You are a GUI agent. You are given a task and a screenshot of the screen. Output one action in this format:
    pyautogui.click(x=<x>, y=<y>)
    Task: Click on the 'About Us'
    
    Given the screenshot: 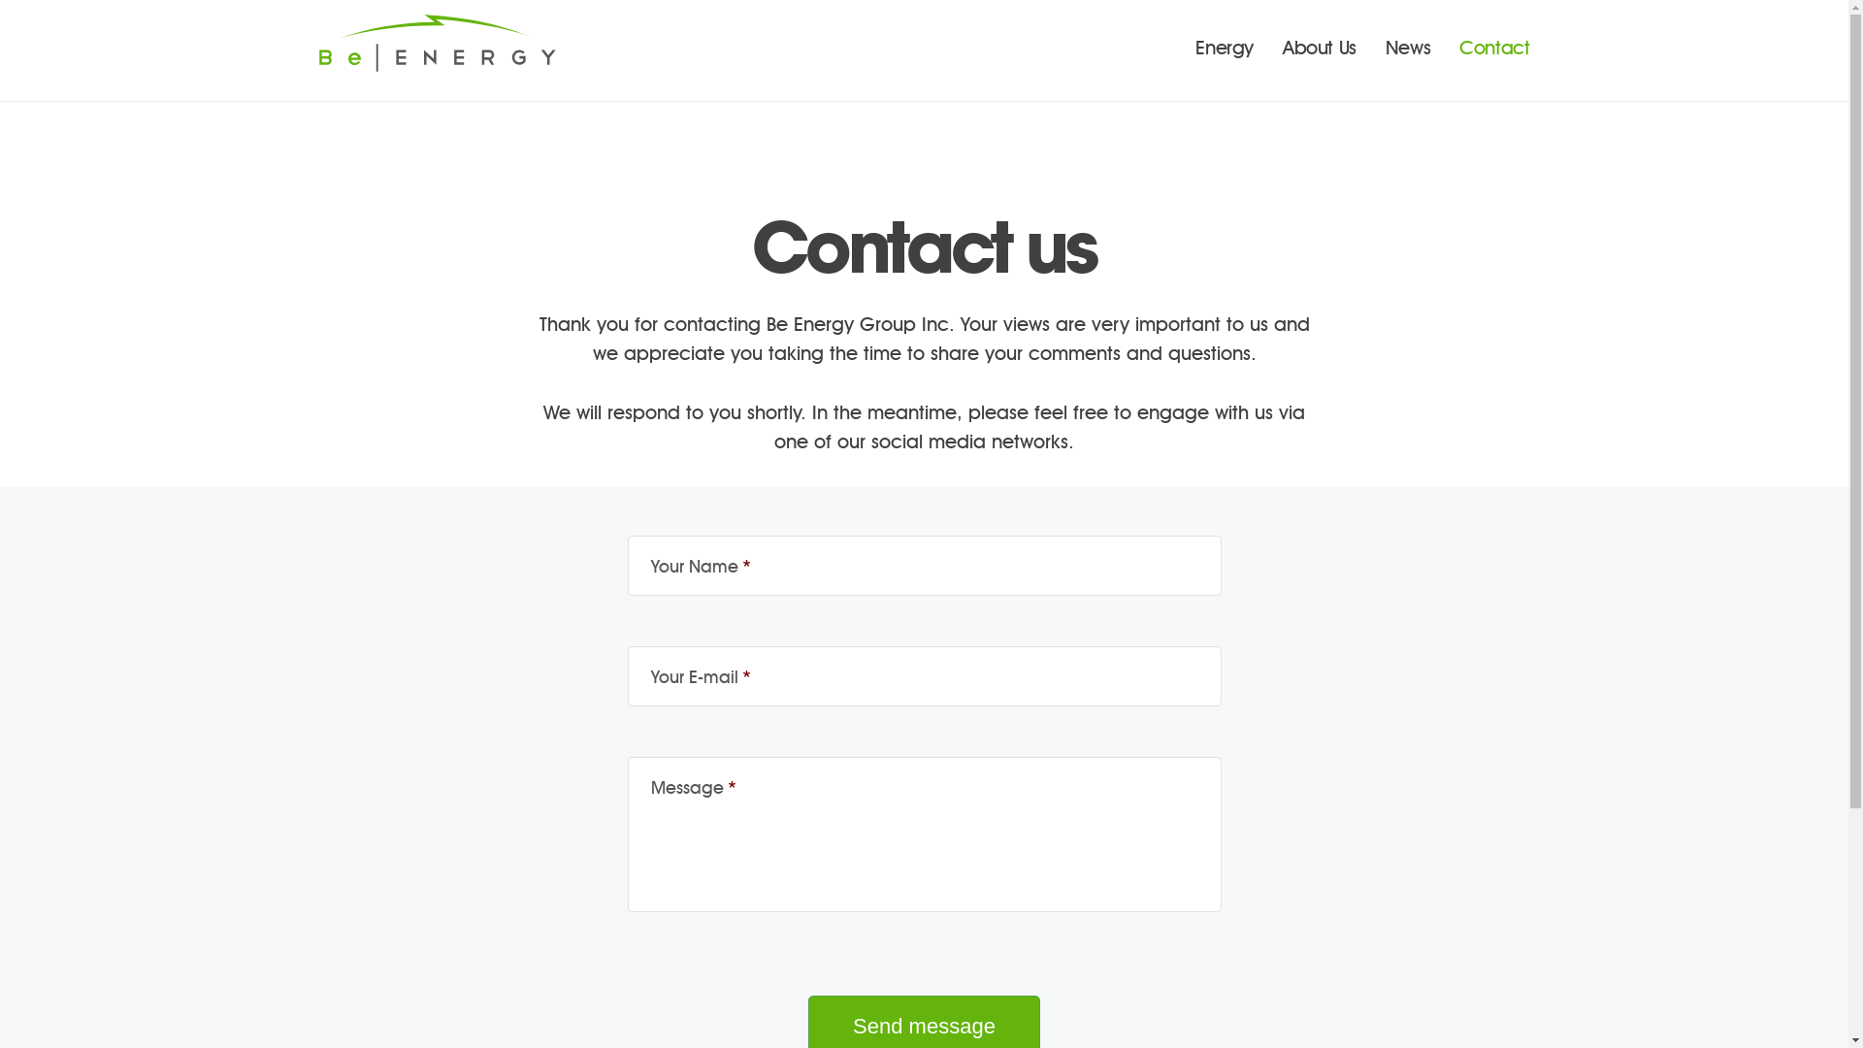 What is the action you would take?
    pyautogui.click(x=1319, y=48)
    